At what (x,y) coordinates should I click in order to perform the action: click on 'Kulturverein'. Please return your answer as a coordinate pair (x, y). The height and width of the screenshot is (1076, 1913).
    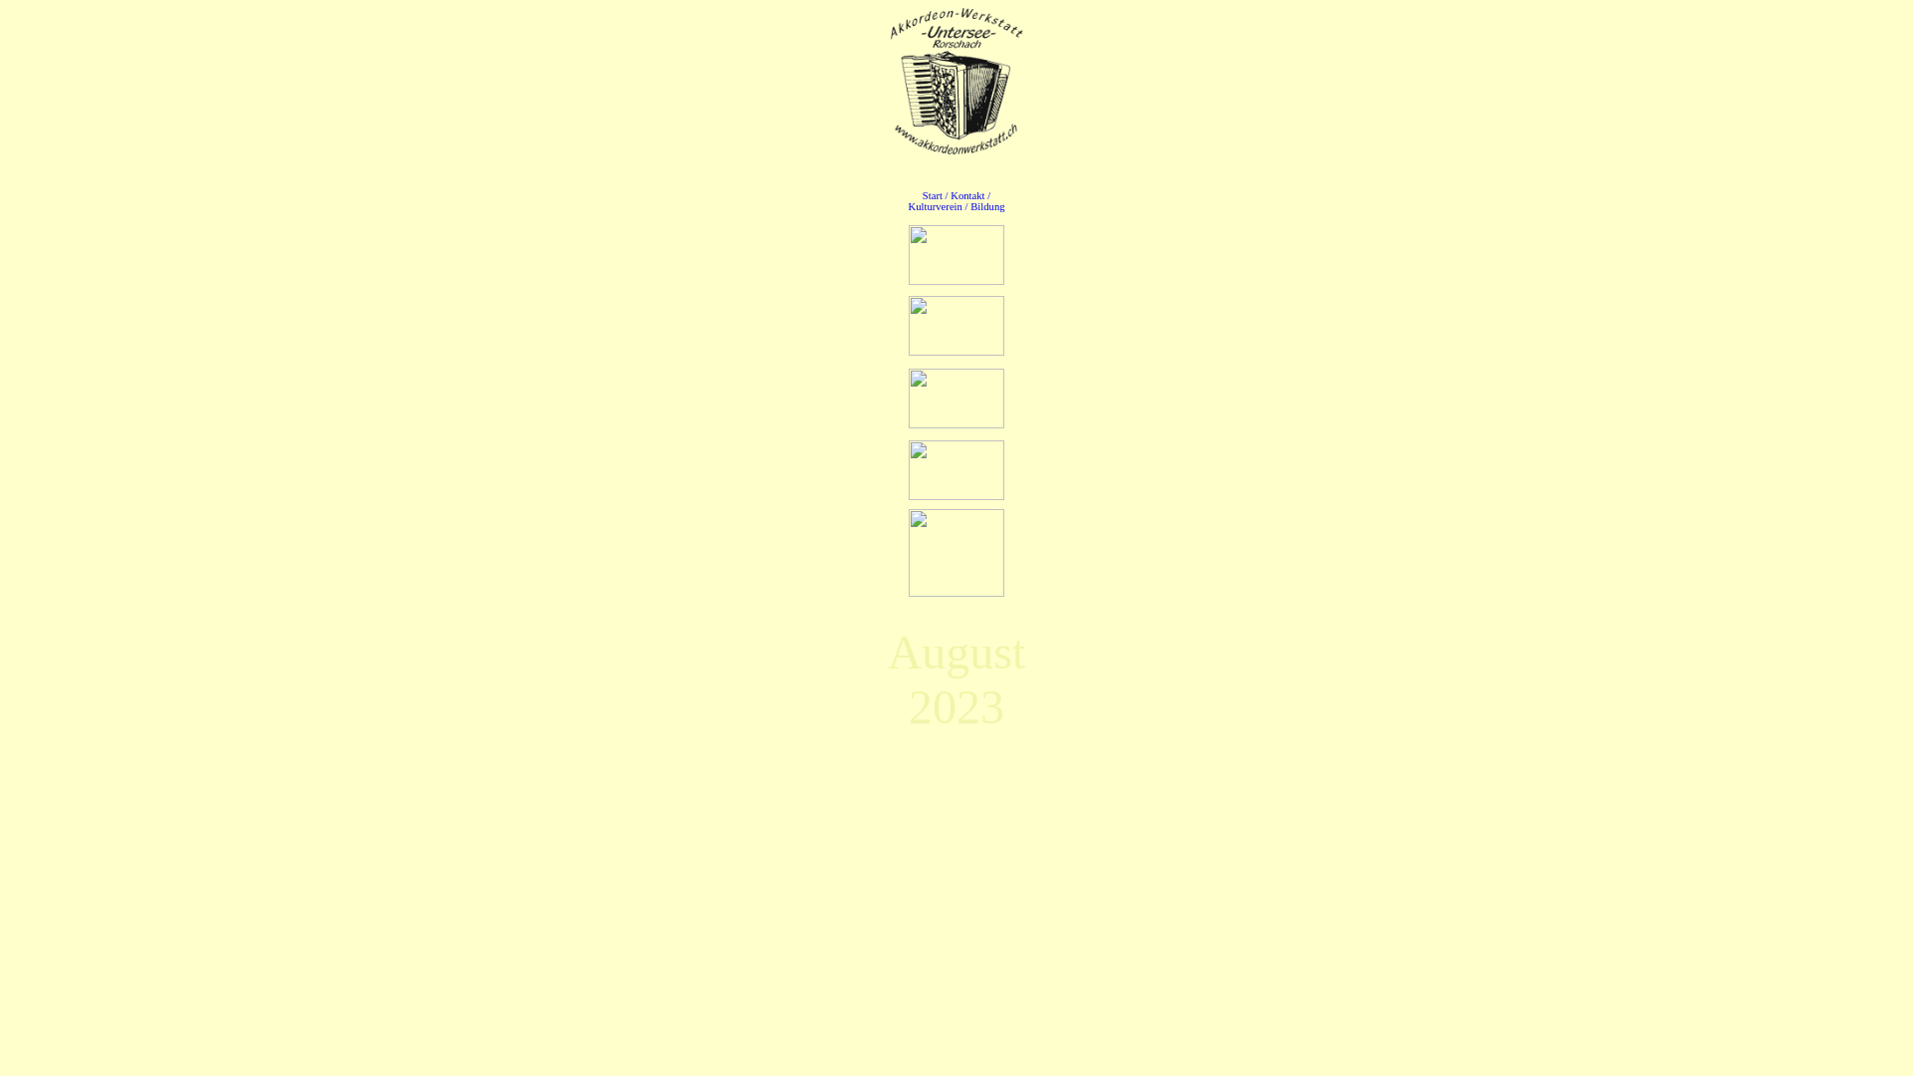
    Looking at the image, I should click on (933, 206).